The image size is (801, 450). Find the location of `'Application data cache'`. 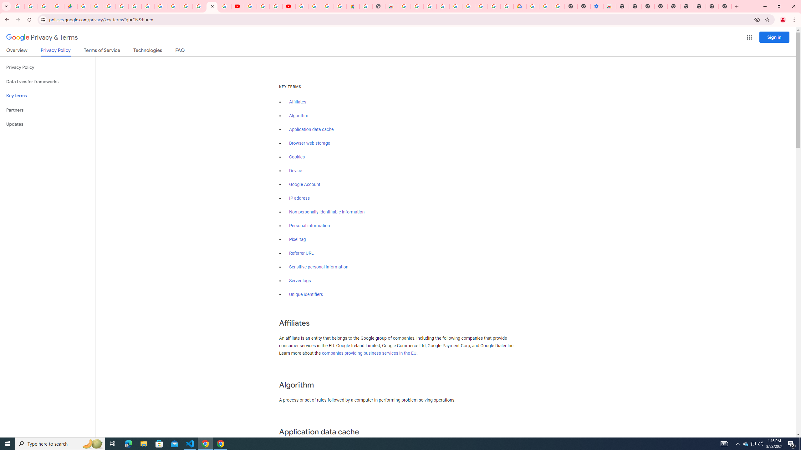

'Application data cache' is located at coordinates (311, 129).